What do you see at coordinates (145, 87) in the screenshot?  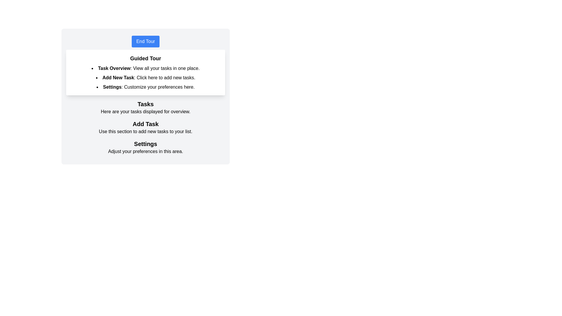 I see `the text element stating 'Settings: Customize your preferences here.' which is styled with 'Settings' in bold and is the last item in the bullet point list under 'Guided Tour.'` at bounding box center [145, 87].